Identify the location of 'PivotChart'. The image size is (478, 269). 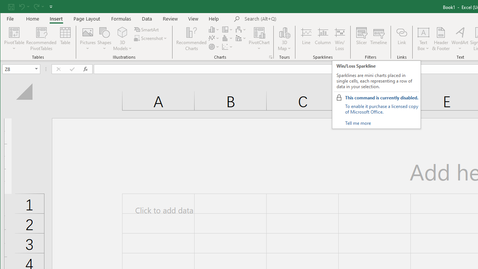
(259, 32).